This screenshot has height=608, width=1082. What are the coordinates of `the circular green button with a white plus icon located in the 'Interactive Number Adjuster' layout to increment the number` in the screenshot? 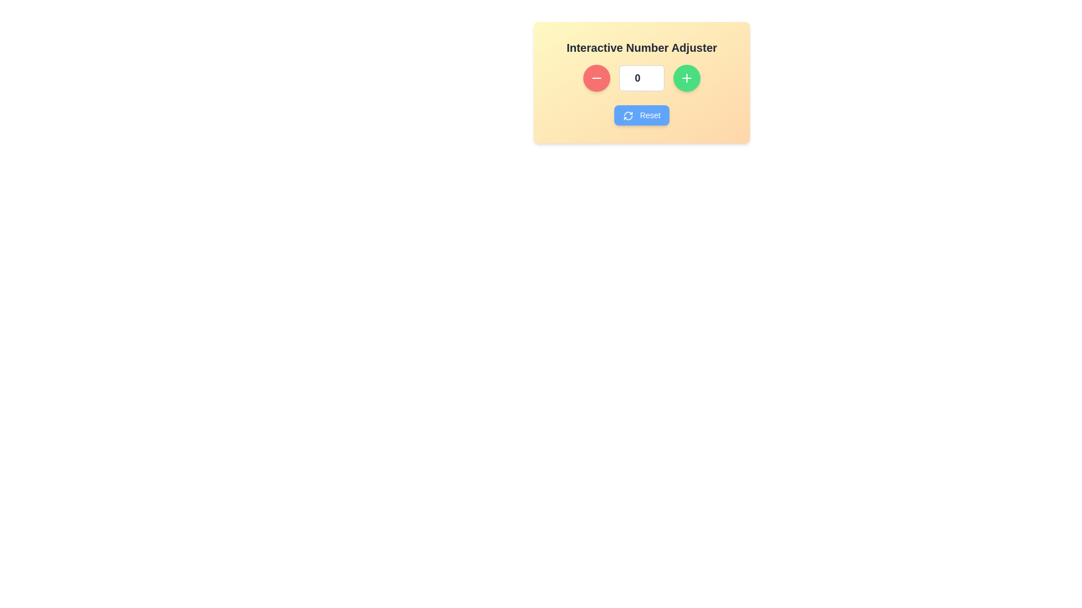 It's located at (686, 77).